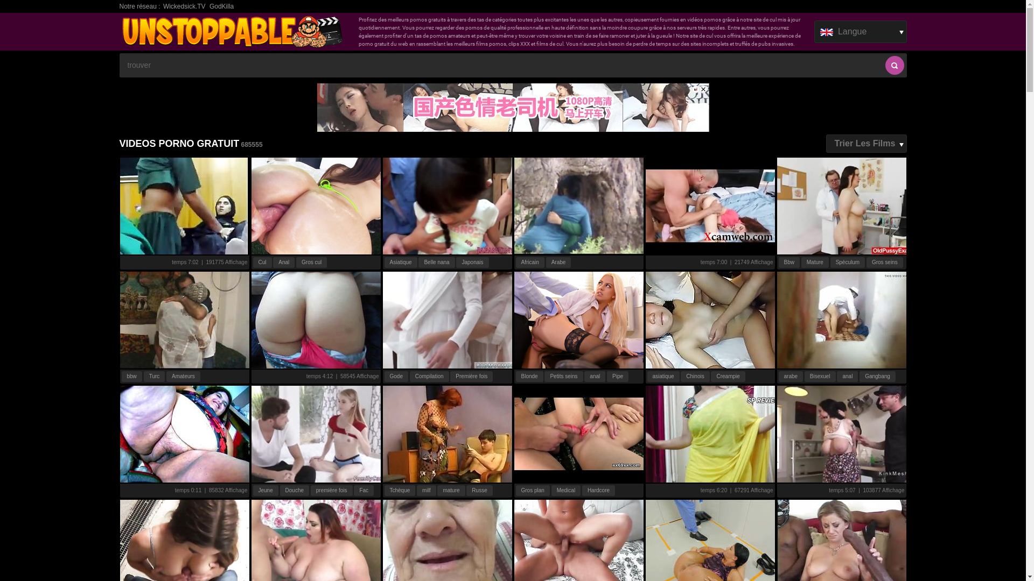  I want to click on 'Turc', so click(154, 375).